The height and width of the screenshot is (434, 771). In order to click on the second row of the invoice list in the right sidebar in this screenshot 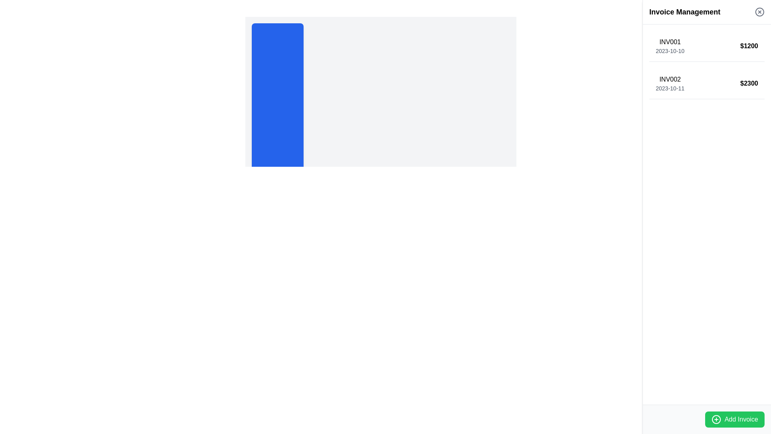, I will do `click(707, 84)`.